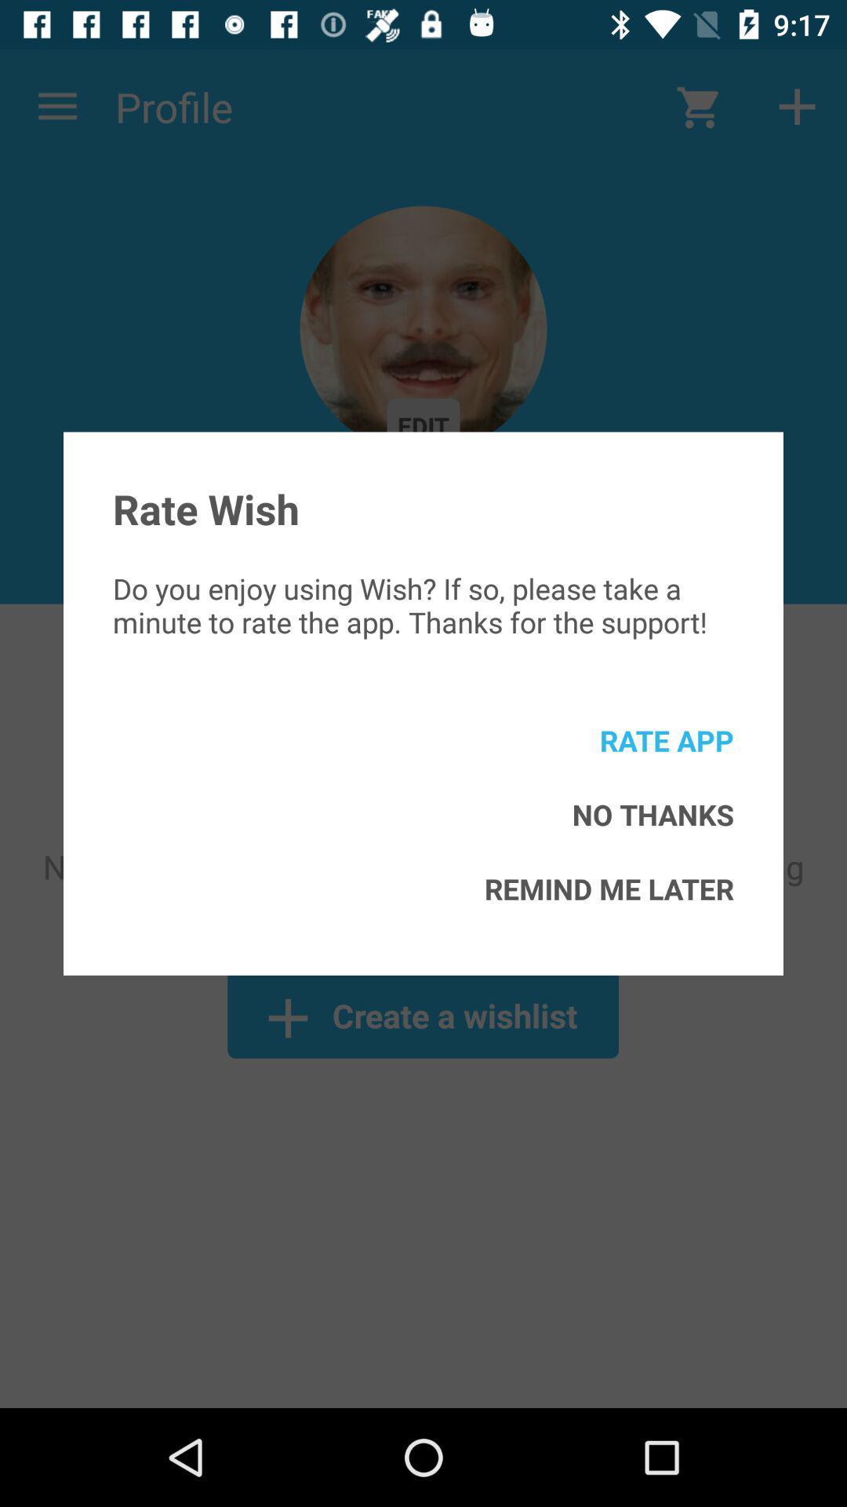 Image resolution: width=847 pixels, height=1507 pixels. What do you see at coordinates (653, 814) in the screenshot?
I see `icon above the remind me later` at bounding box center [653, 814].